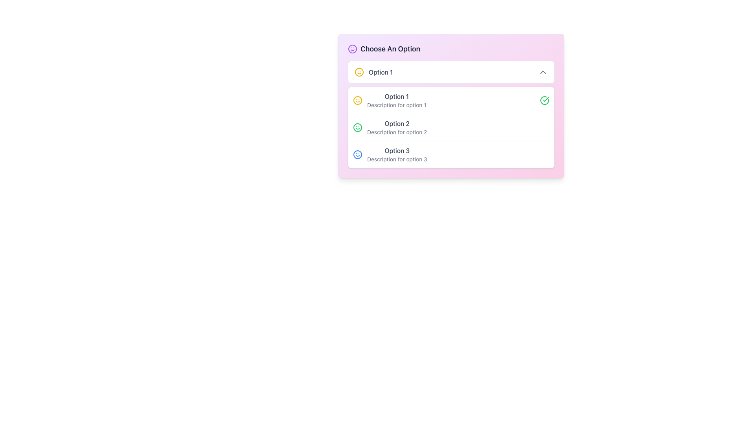 This screenshot has width=754, height=424. I want to click on the Text label that serves as the title for the second selectable option under the heading 'Choose An Option', so click(397, 124).